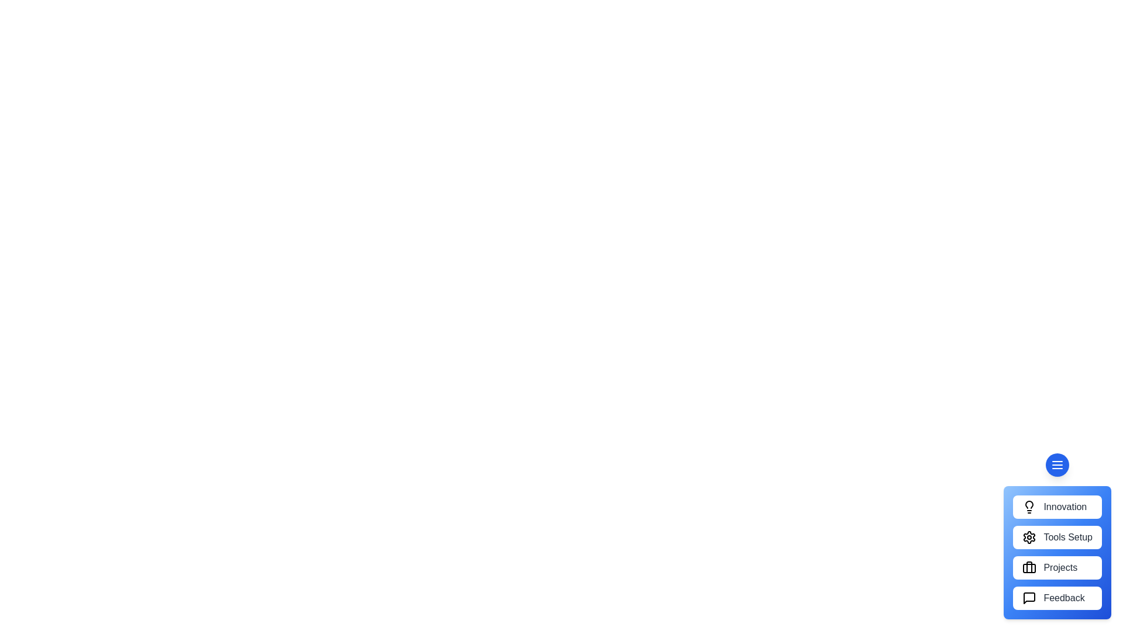 This screenshot has width=1123, height=631. I want to click on the 'Tools Setup' button, so click(1057, 538).